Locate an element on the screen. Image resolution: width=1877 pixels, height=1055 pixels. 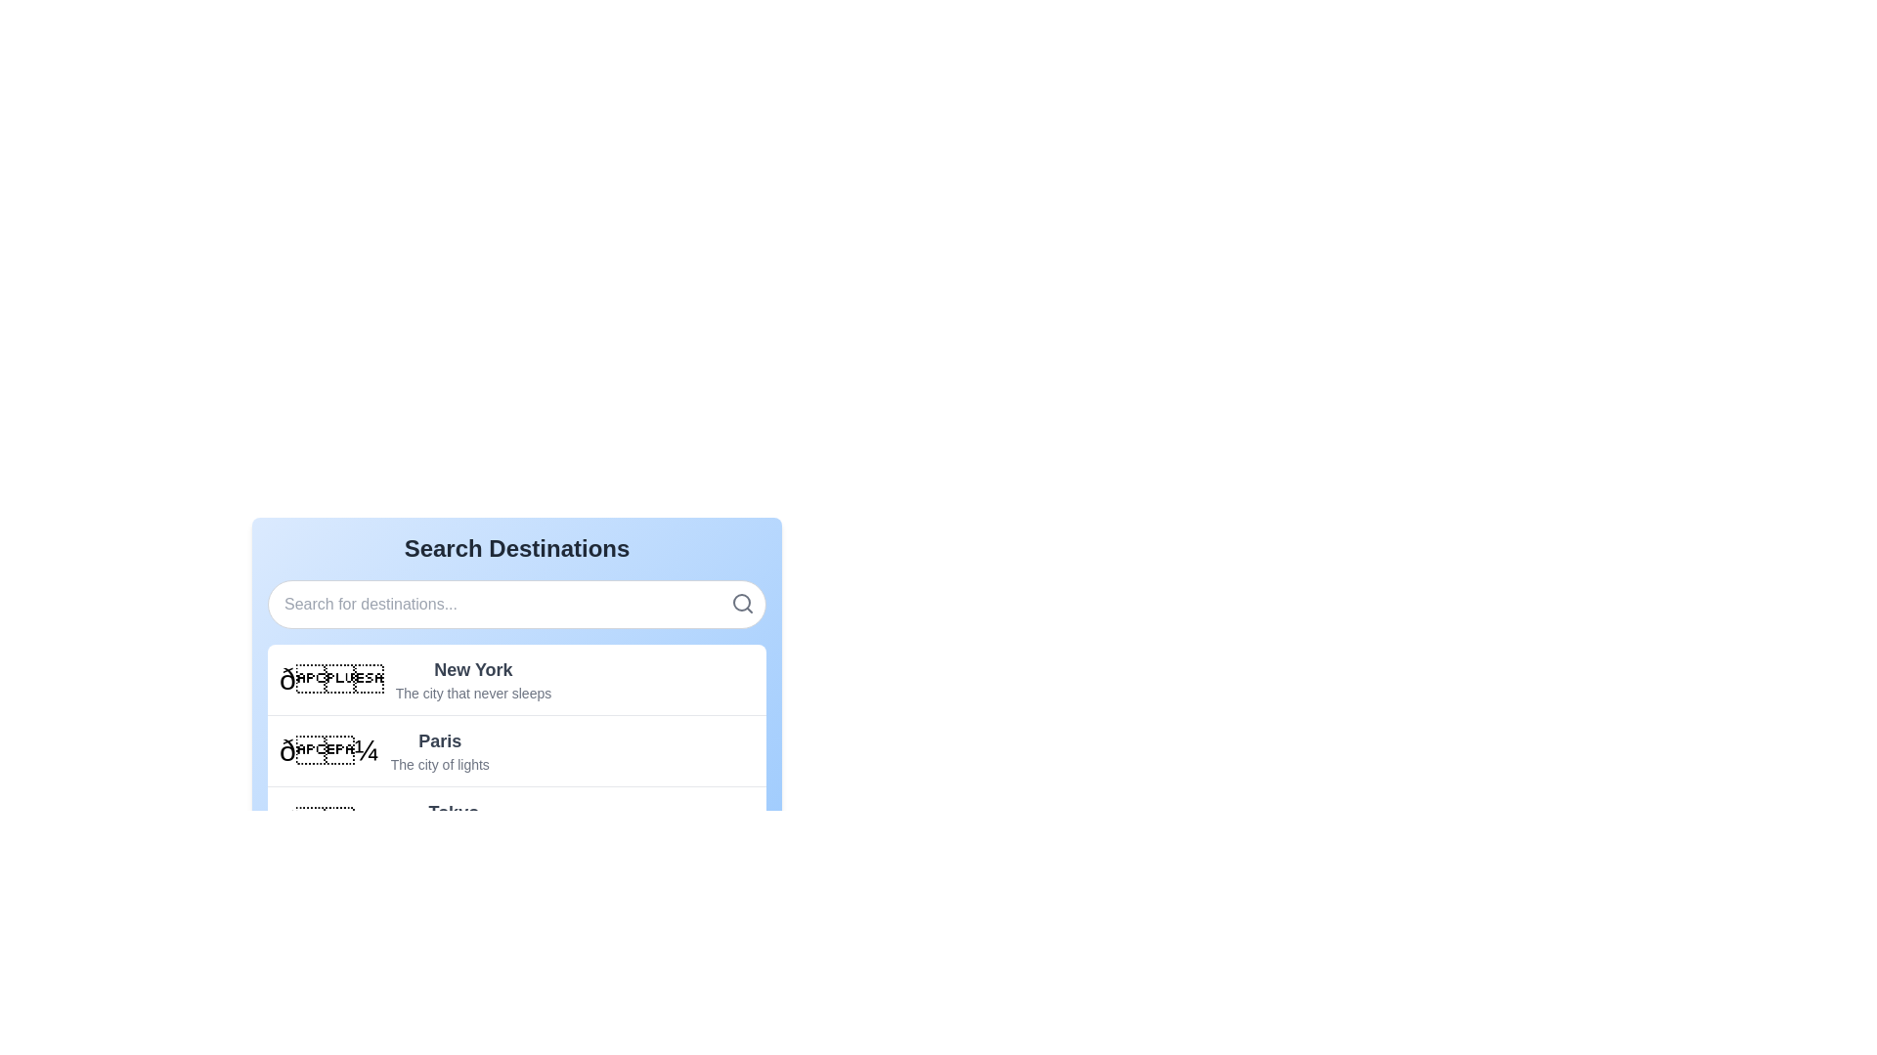
the text label displaying 'The city that never sleeps', which is a small gray font located beneath the bold text 'New York' is located at coordinates (473, 692).